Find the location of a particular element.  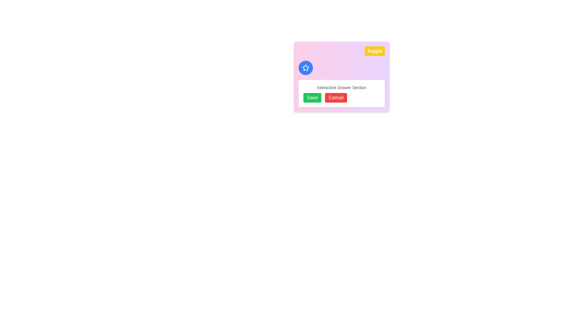

the green 'Save' button with white text, positioned at the bottom center of the card area is located at coordinates (312, 97).